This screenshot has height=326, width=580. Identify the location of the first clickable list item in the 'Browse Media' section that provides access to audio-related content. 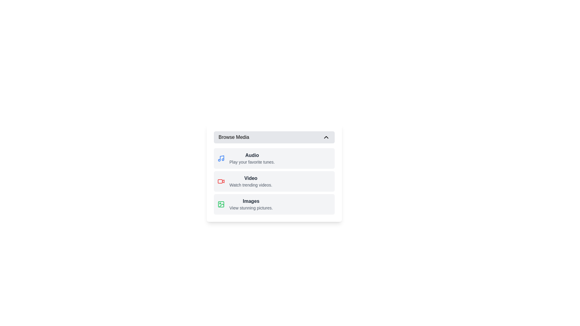
(252, 158).